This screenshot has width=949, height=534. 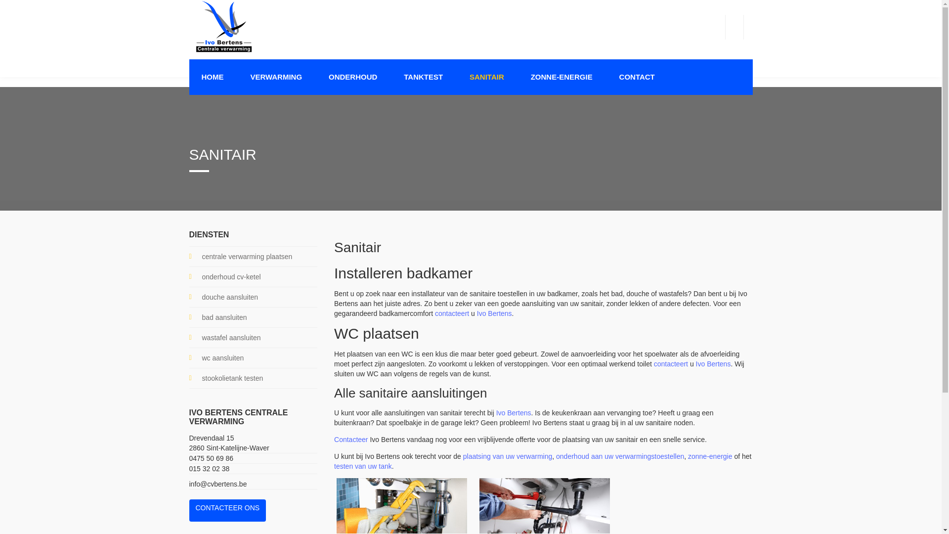 What do you see at coordinates (353, 76) in the screenshot?
I see `'ONDERHOUD'` at bounding box center [353, 76].